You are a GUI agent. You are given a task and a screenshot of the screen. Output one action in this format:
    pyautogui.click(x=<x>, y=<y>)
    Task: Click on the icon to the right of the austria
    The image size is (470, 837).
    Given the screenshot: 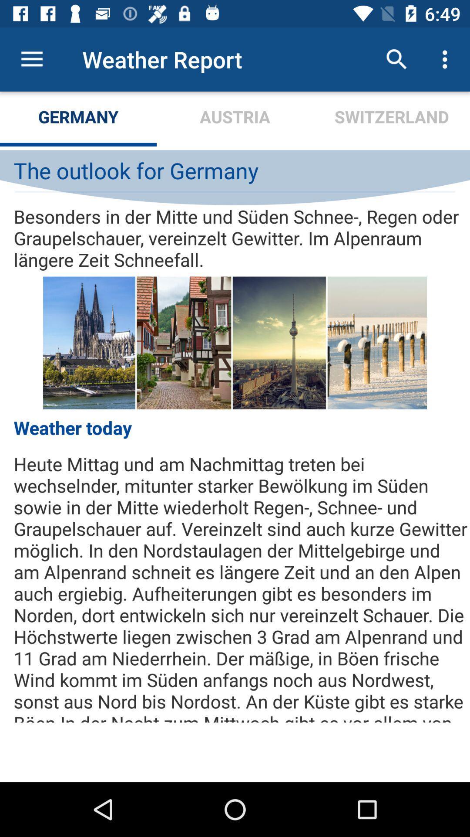 What is the action you would take?
    pyautogui.click(x=396, y=59)
    